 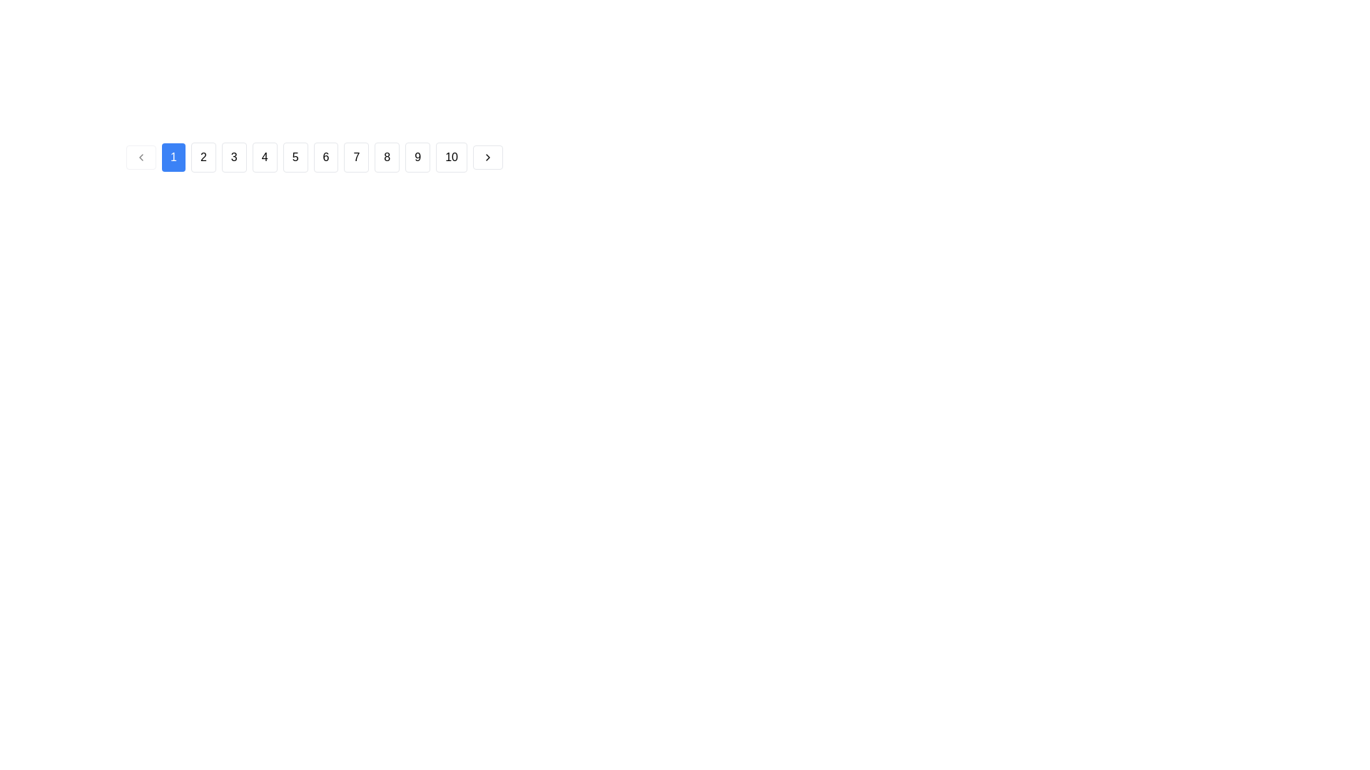 What do you see at coordinates (141, 157) in the screenshot?
I see `the chevron icon which serves as the 'previous' button for navigating to the previous page in the pagination row` at bounding box center [141, 157].